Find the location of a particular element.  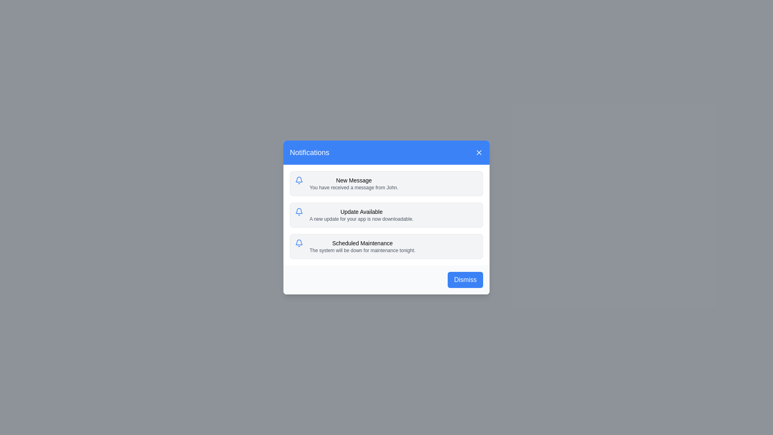

text displayed in the notification card that shows 'New Message' and 'You have received a message from John' is located at coordinates (354, 183).